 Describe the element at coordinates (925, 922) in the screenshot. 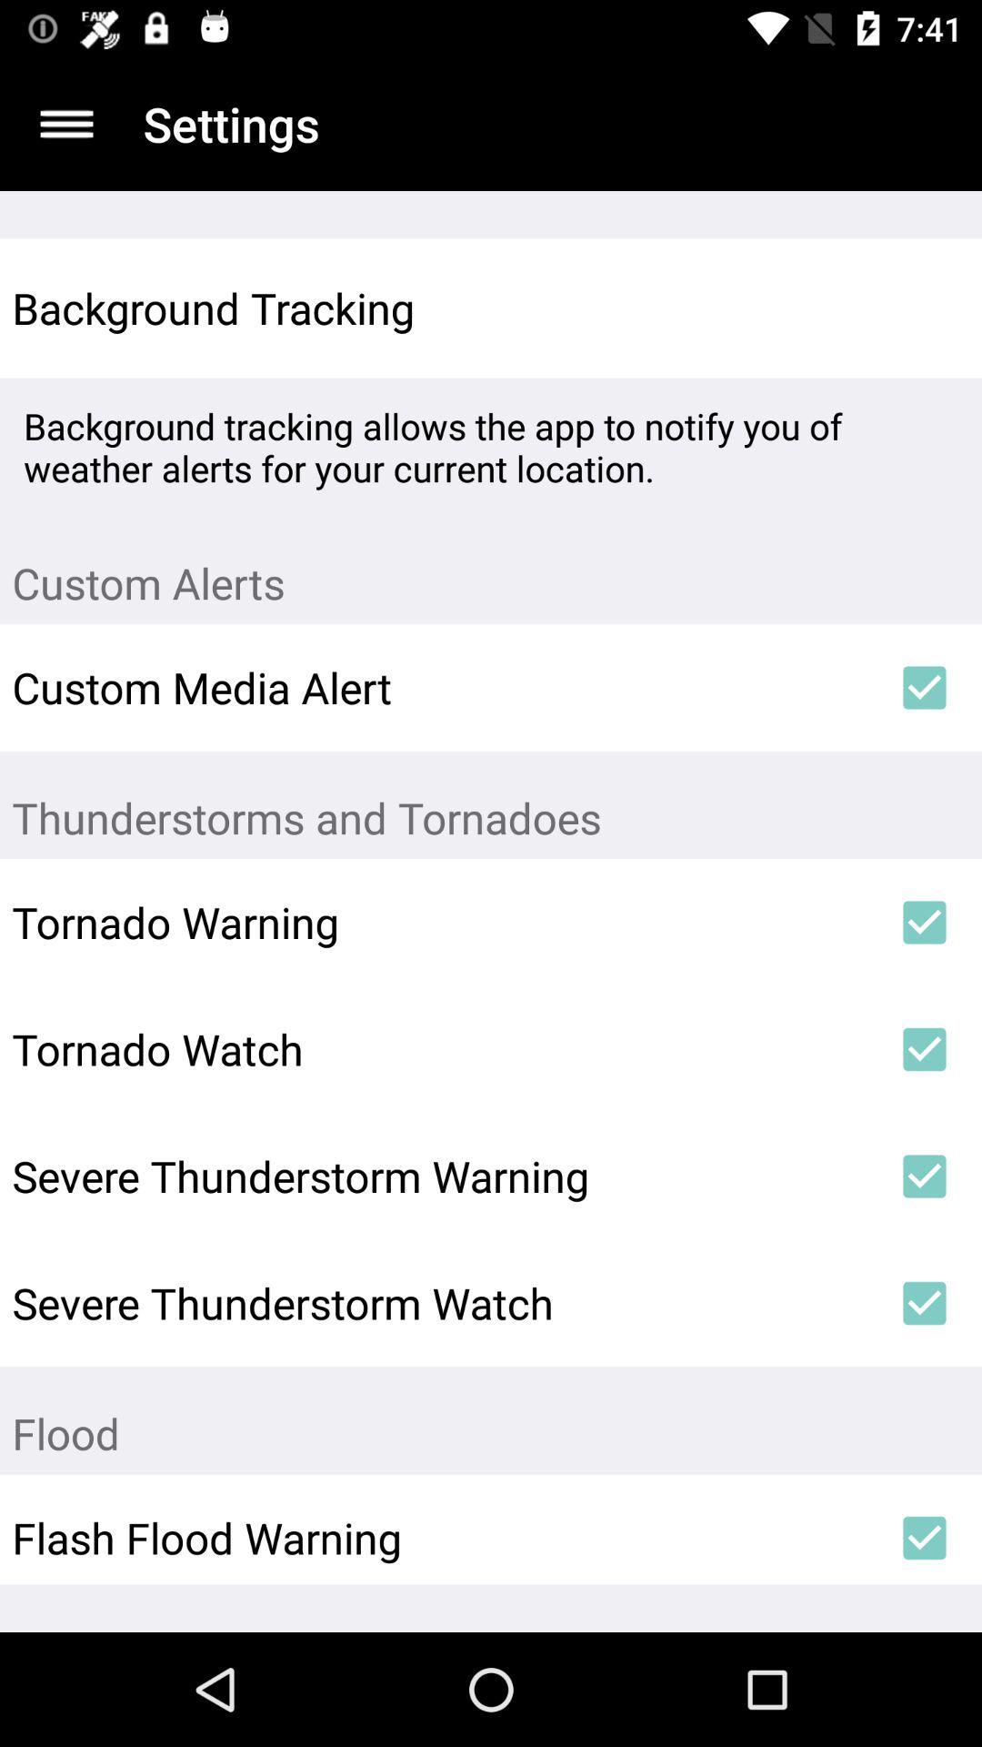

I see `icon to the right of tornado warning icon` at that location.